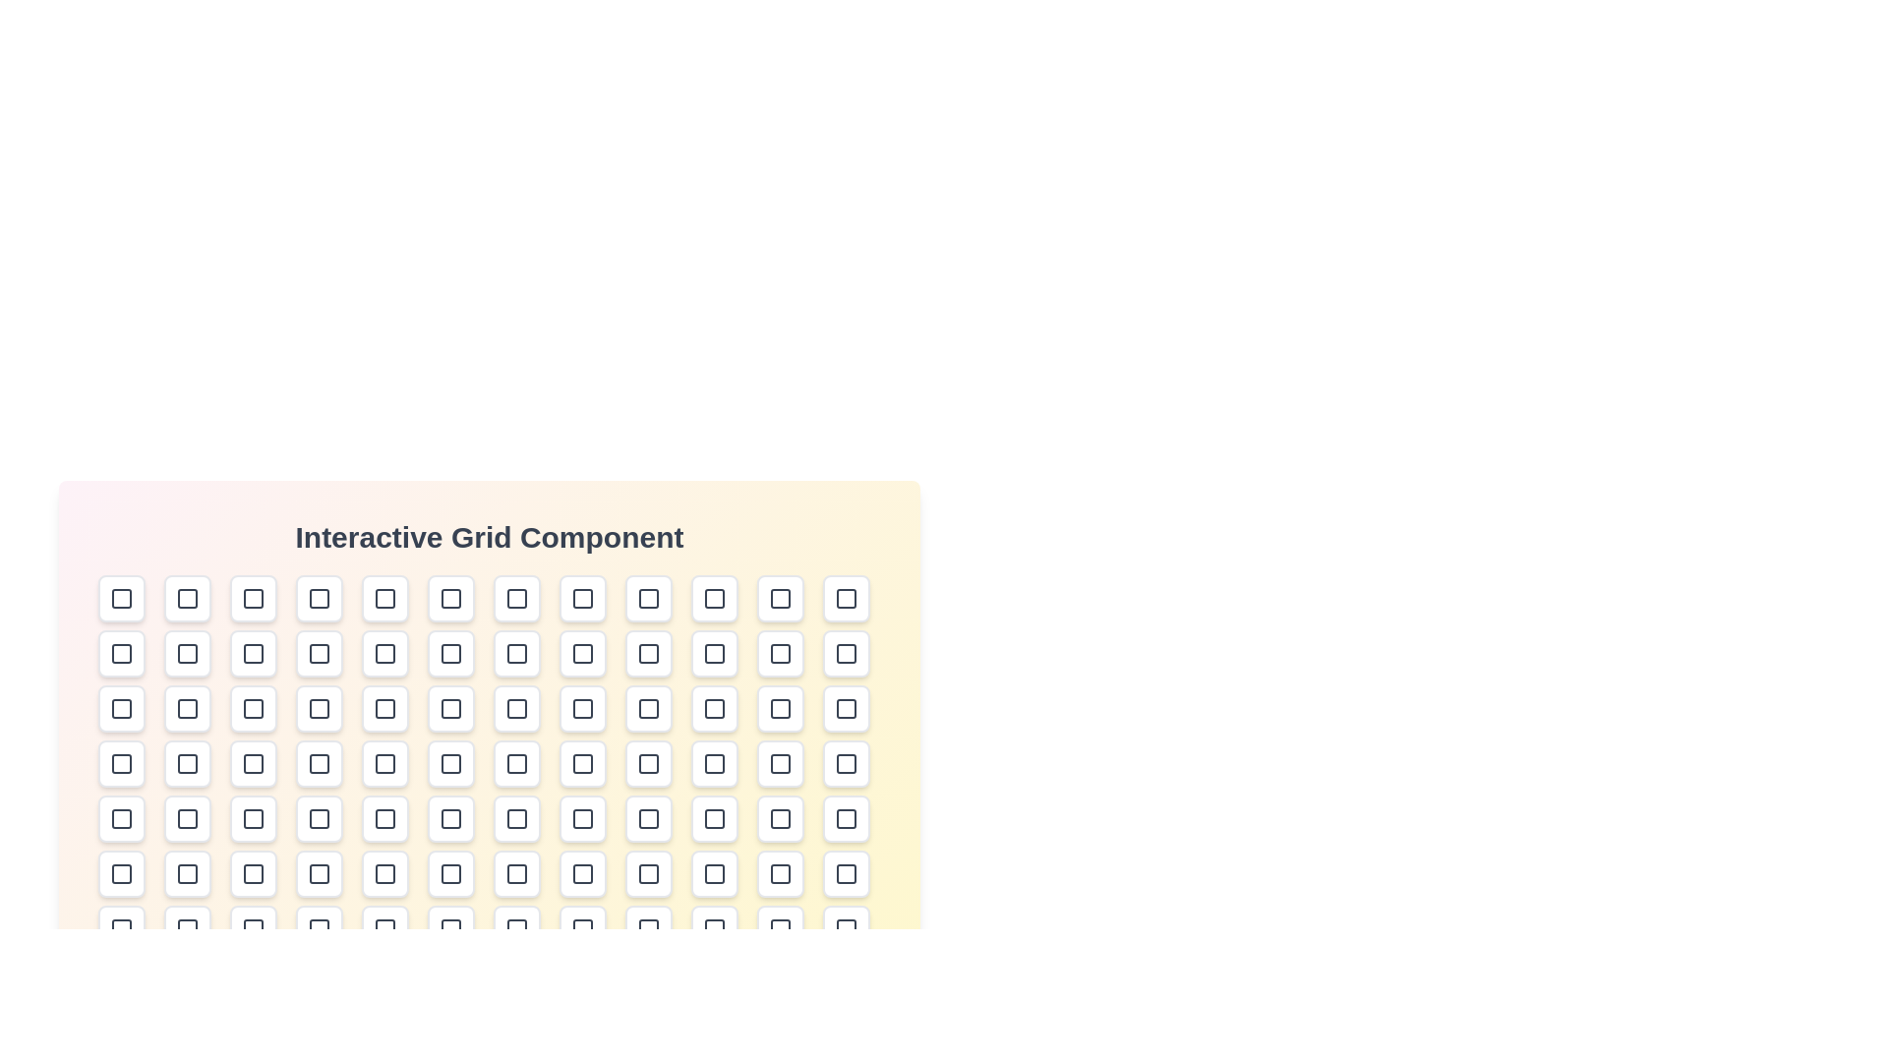 The height and width of the screenshot is (1062, 1888). I want to click on the header text labeled 'Interactive Grid Component' to focus or select it, so click(490, 538).